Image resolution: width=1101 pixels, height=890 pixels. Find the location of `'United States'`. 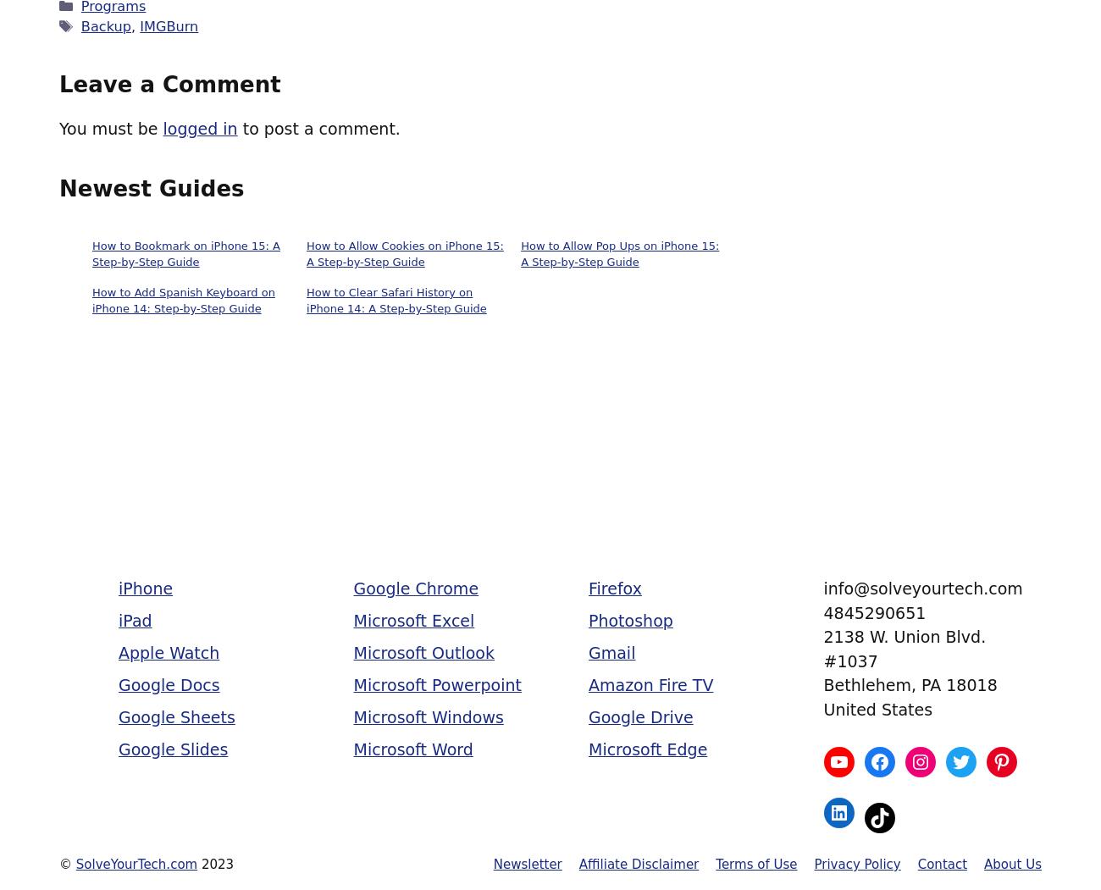

'United States' is located at coordinates (823, 709).